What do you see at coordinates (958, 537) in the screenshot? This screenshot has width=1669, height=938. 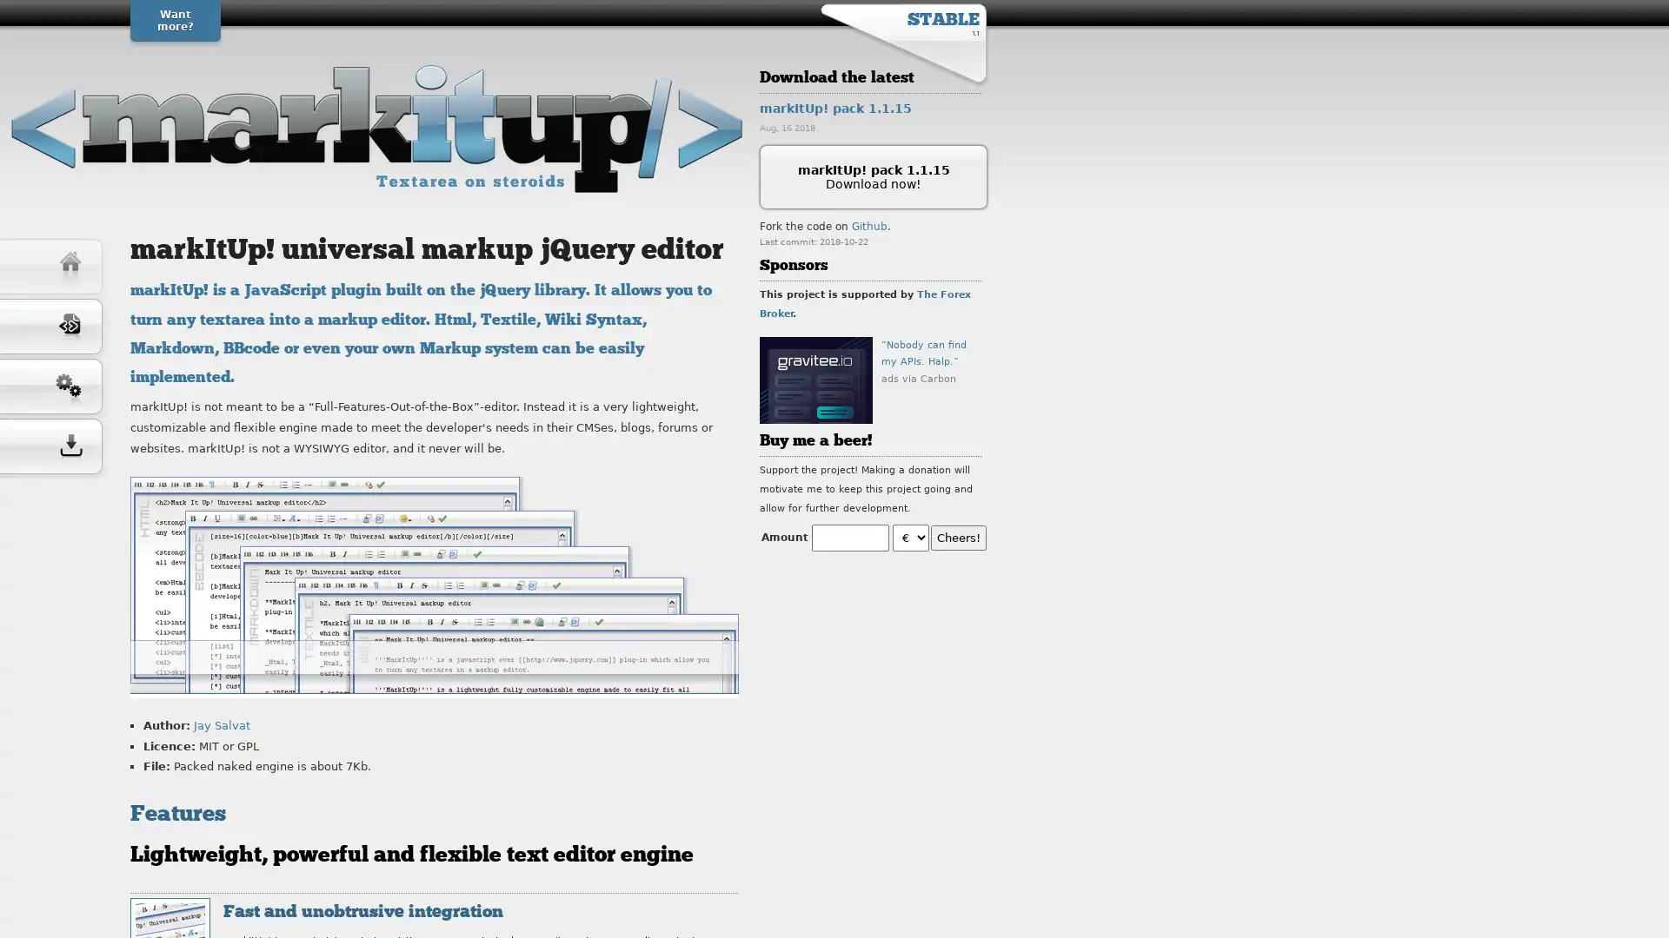 I see `Cheers!` at bounding box center [958, 537].